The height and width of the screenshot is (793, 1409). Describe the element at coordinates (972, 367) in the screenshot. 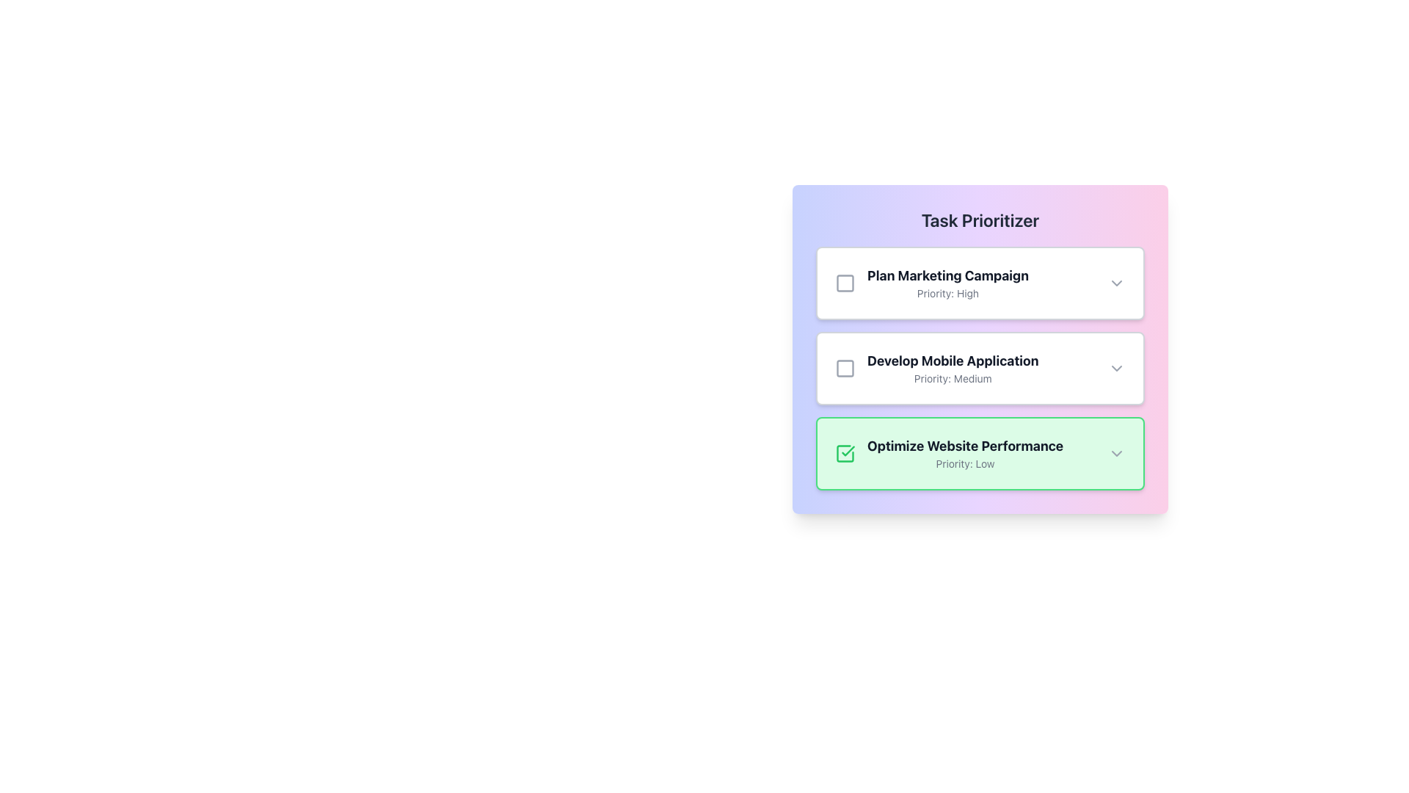

I see `the checkbox next to the task item 'Develop Mobile Application'` at that location.